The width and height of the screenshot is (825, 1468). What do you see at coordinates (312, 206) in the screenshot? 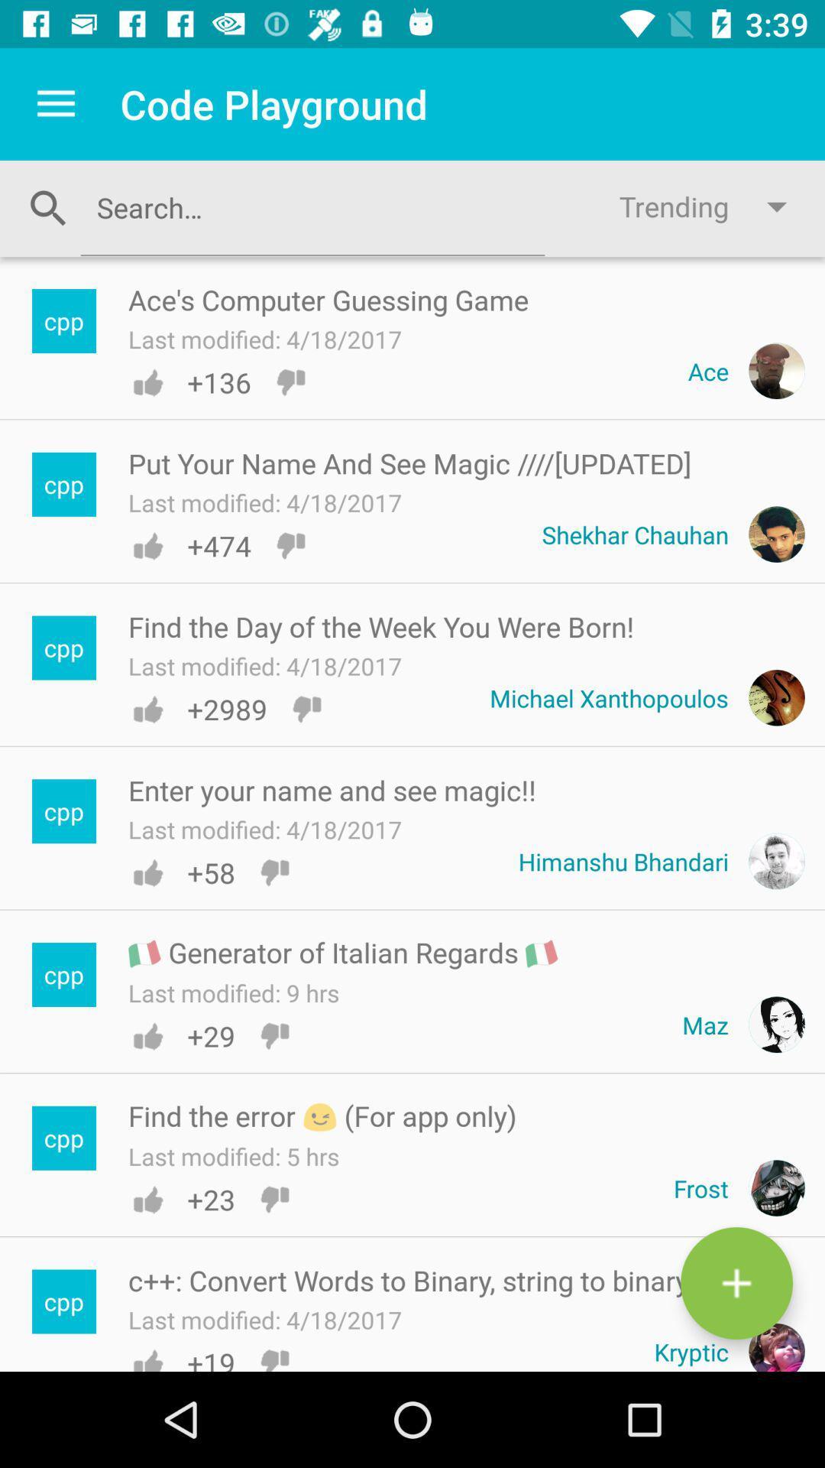
I see `search criteria` at bounding box center [312, 206].